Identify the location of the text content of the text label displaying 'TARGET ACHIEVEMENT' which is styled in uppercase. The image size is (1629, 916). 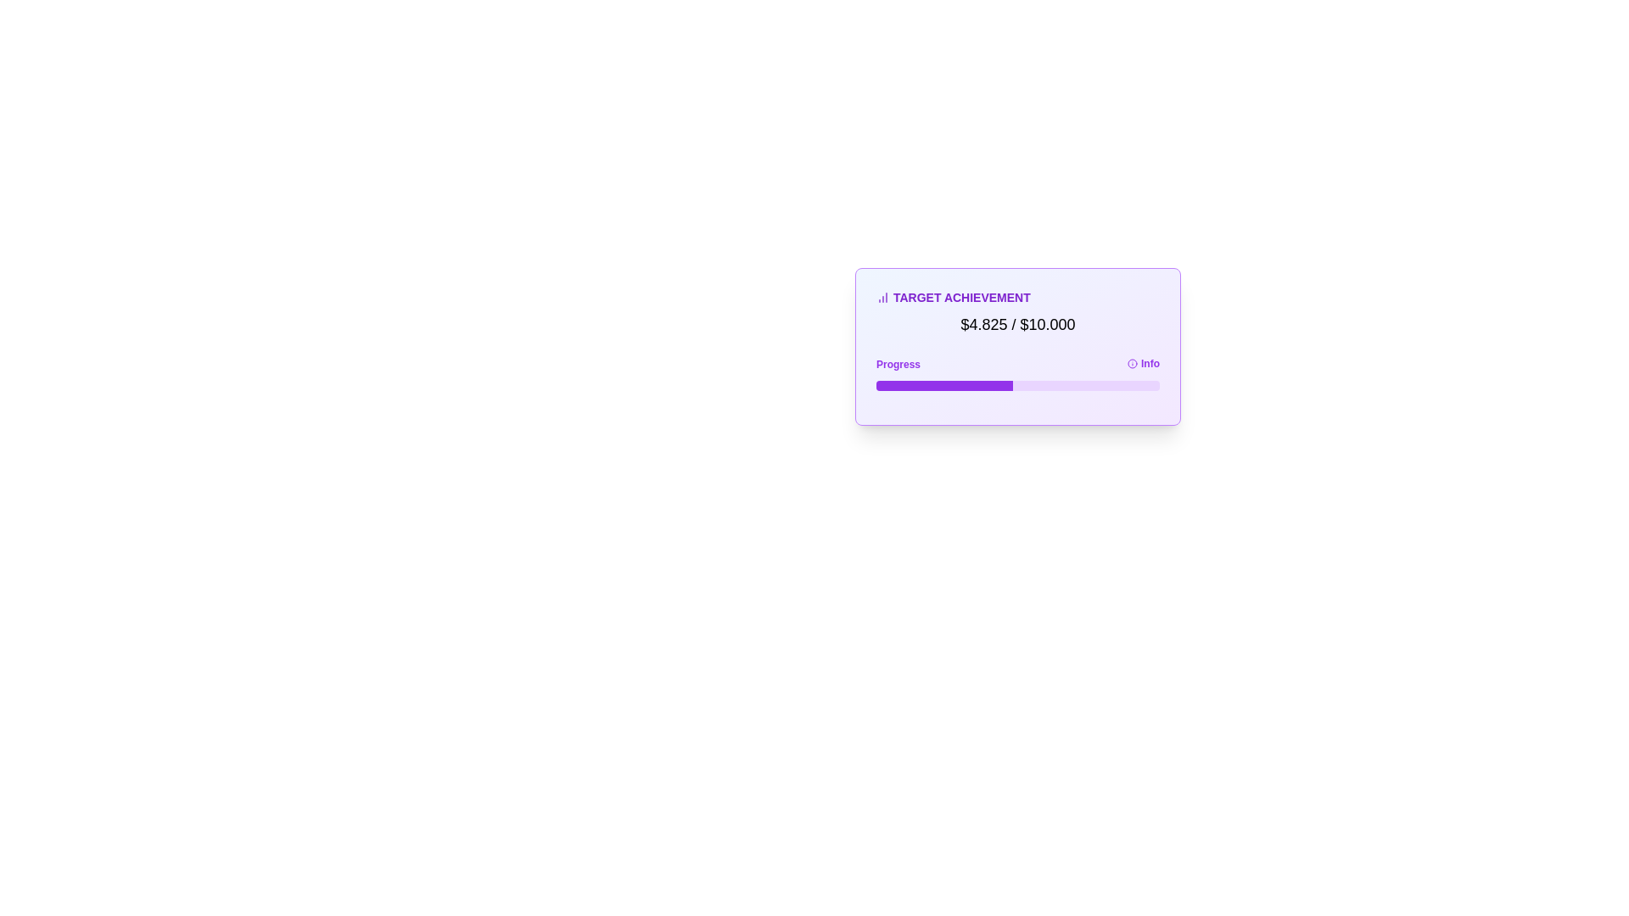
(1018, 297).